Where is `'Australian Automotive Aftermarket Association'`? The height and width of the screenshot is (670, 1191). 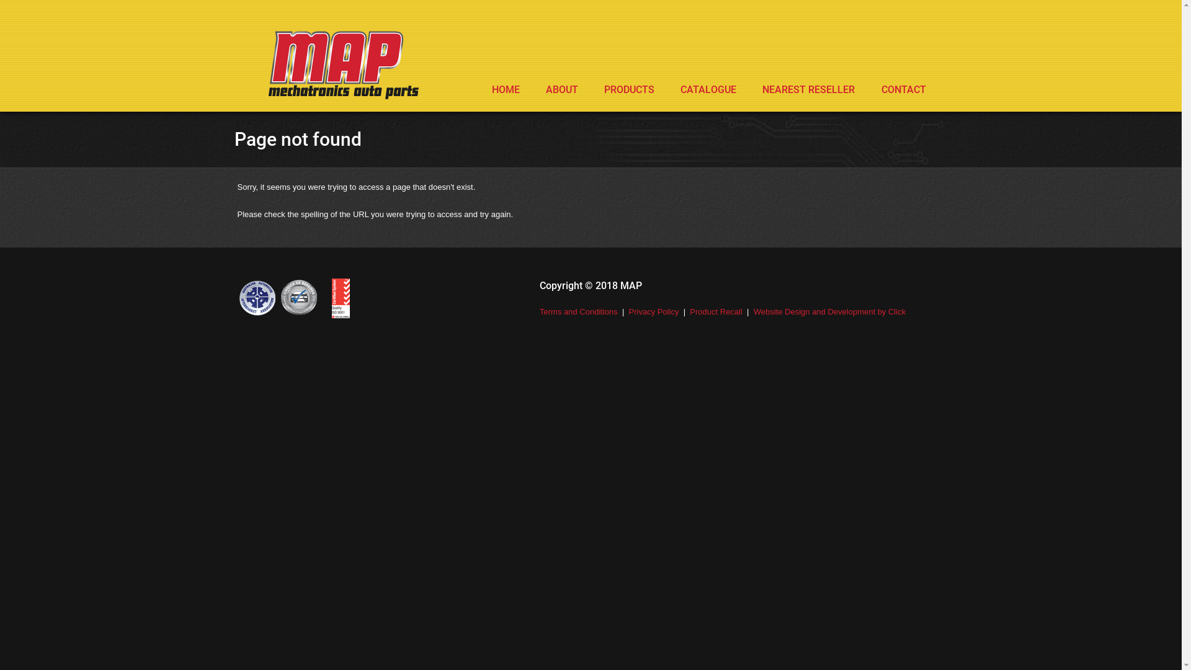 'Australian Automotive Aftermarket Association' is located at coordinates (256, 298).